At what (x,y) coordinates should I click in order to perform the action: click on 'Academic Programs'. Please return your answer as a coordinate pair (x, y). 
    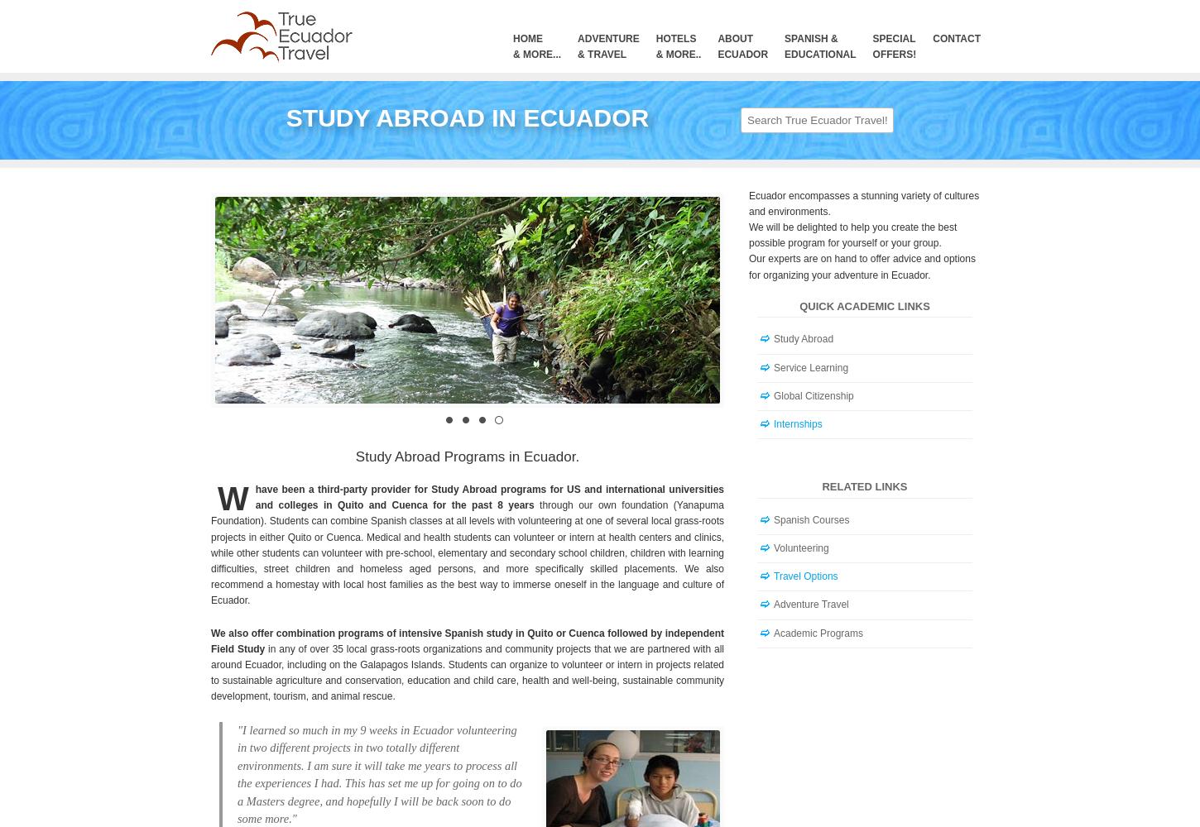
    Looking at the image, I should click on (818, 633).